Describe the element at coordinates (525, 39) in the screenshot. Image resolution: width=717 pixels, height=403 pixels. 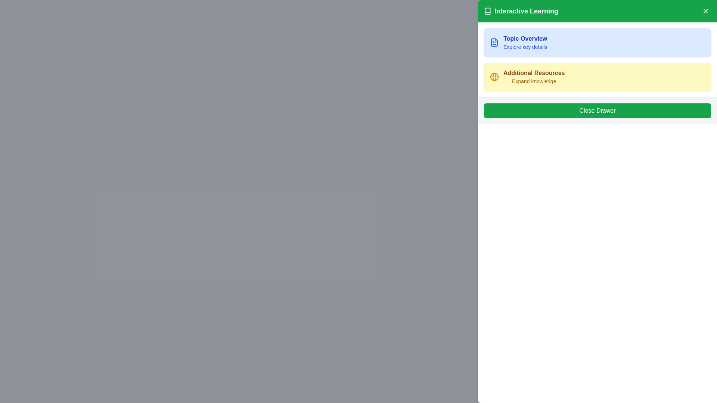
I see `the bold, blue-colored text label that reads 'Topic Overview', which is located at the top-left of the interactive drawer within a light blue section` at that location.